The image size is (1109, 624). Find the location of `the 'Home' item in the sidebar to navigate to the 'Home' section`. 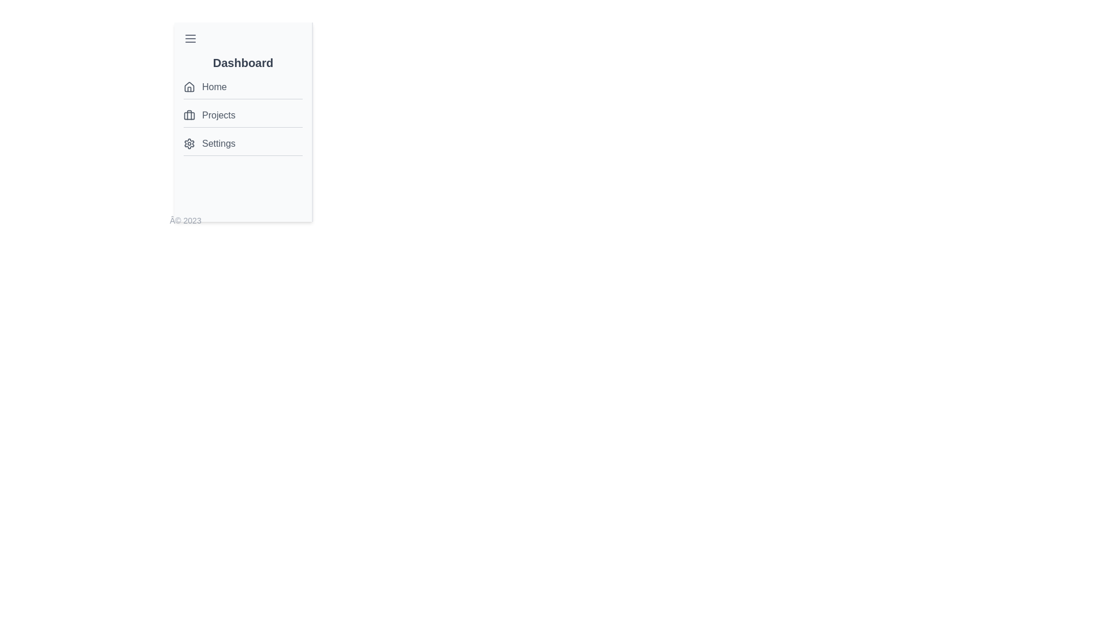

the 'Home' item in the sidebar to navigate to the 'Home' section is located at coordinates (243, 86).